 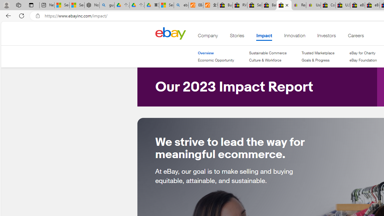 What do you see at coordinates (269, 5) in the screenshot?
I see `'Baby Keepsakes & Announcements for sale | eBay'` at bounding box center [269, 5].